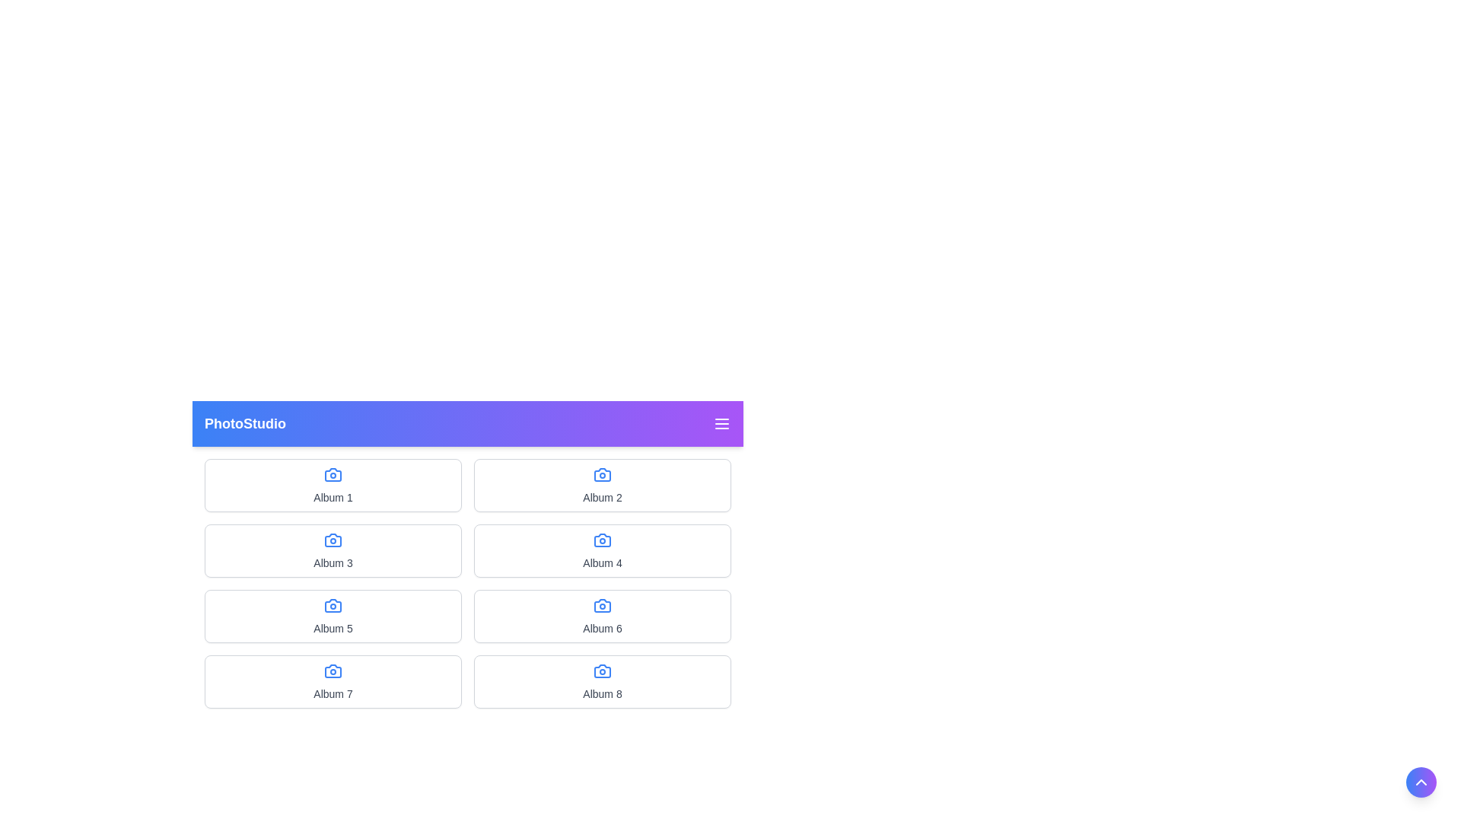 This screenshot has height=822, width=1461. Describe the element at coordinates (602, 539) in the screenshot. I see `the blue camera icon located above the text 'Album 4' in the grid layout` at that location.